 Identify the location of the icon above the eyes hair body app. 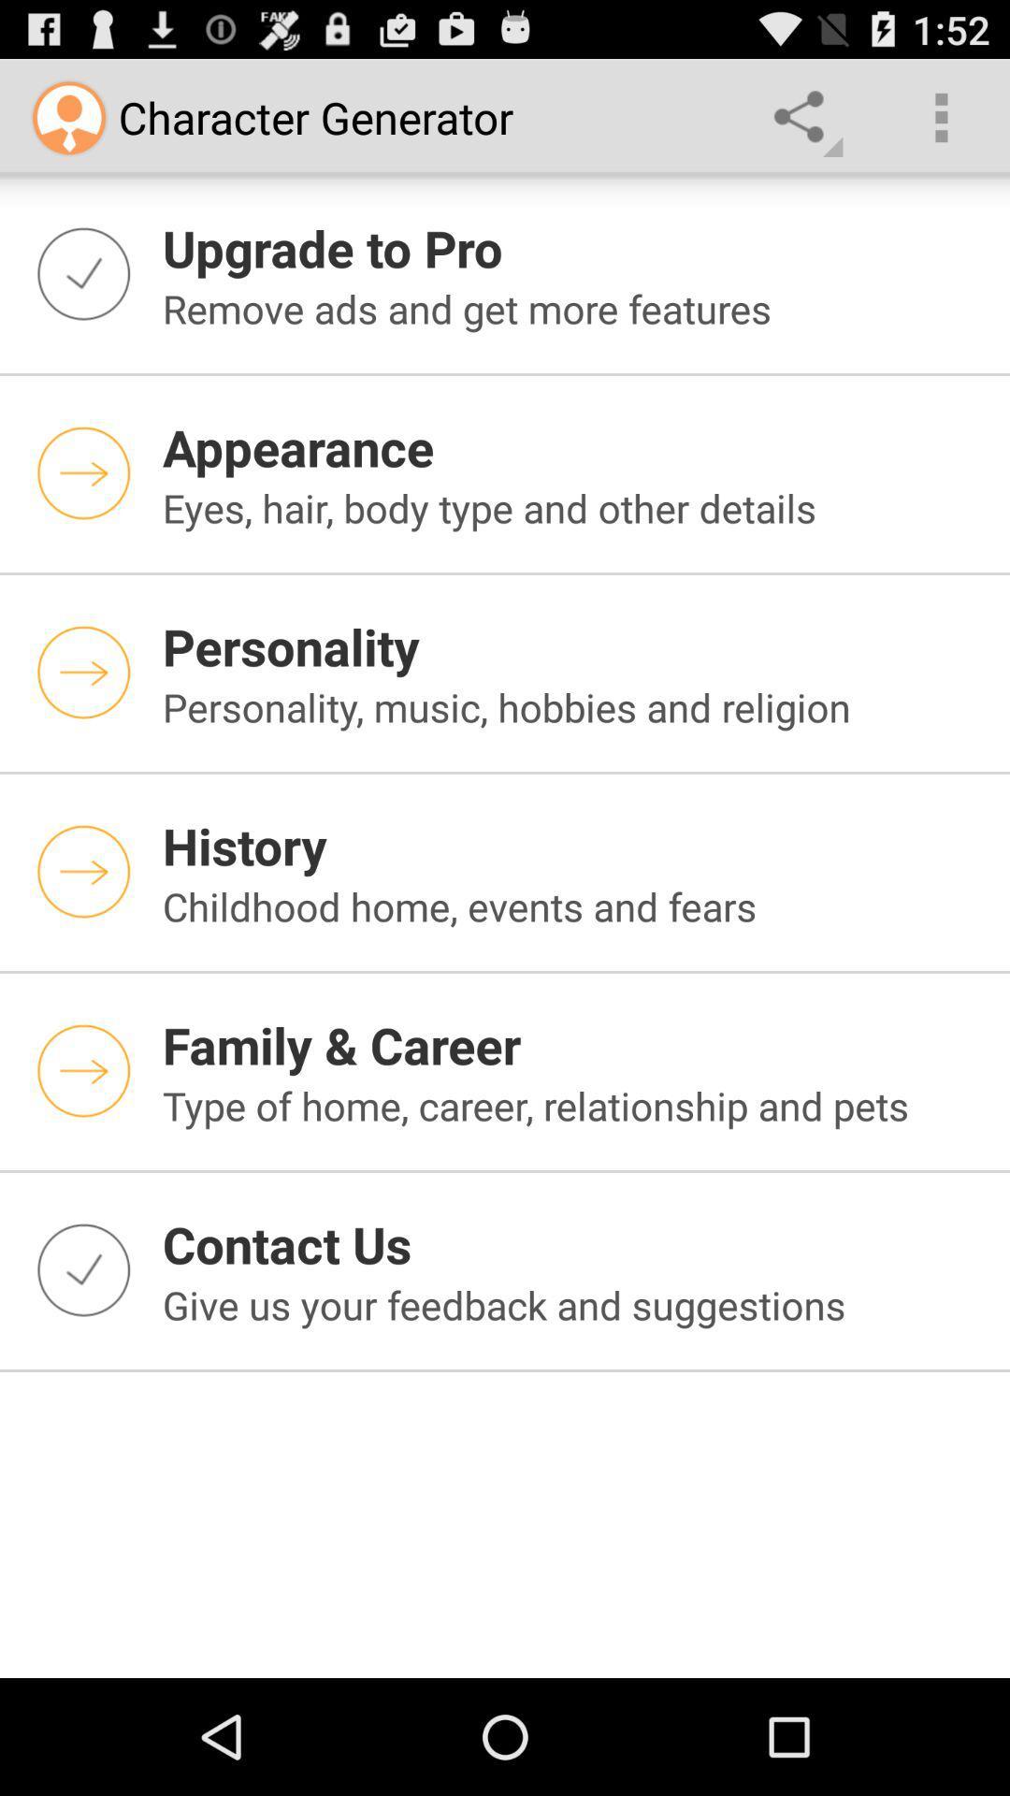
(573, 446).